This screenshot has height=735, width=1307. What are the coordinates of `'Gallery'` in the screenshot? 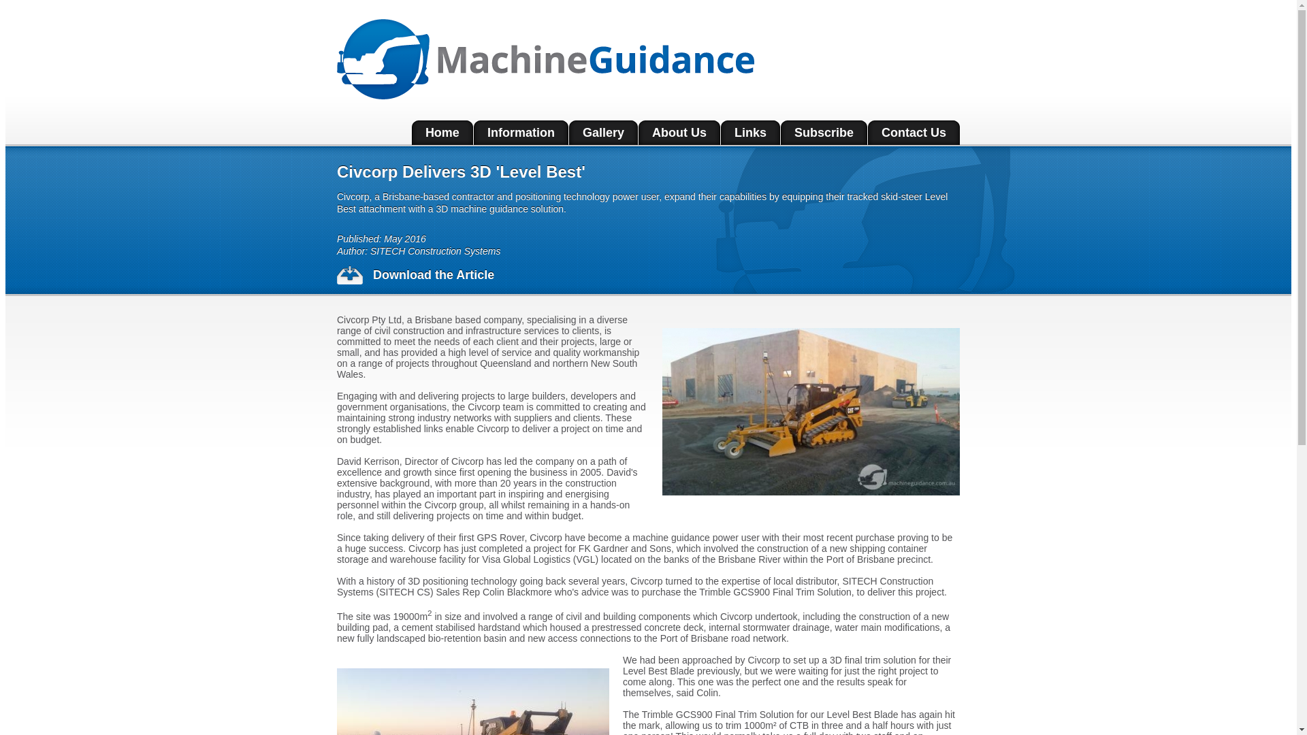 It's located at (602, 133).